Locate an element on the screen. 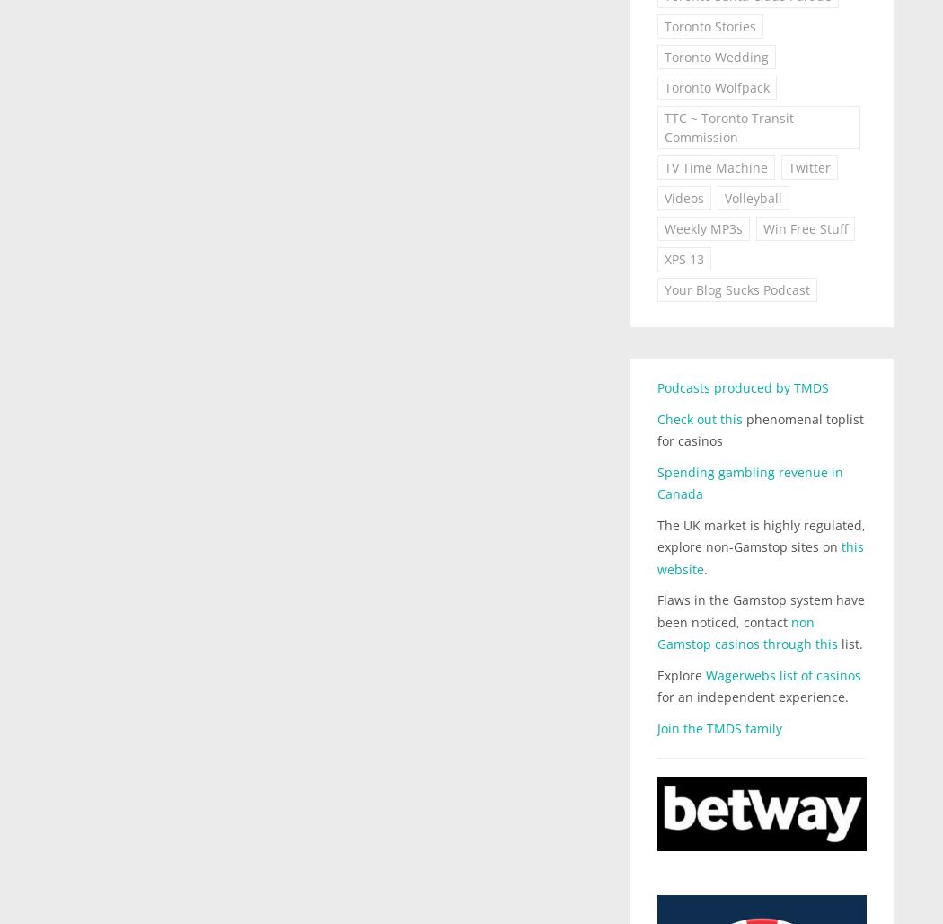  'Flaws in the Gamstop system have been noticed, contact' is located at coordinates (760, 610).